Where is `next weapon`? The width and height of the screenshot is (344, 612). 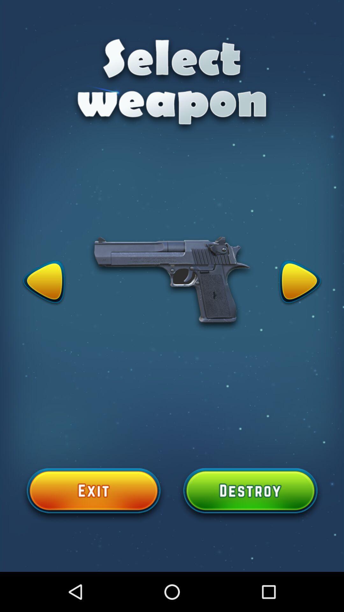 next weapon is located at coordinates (300, 283).